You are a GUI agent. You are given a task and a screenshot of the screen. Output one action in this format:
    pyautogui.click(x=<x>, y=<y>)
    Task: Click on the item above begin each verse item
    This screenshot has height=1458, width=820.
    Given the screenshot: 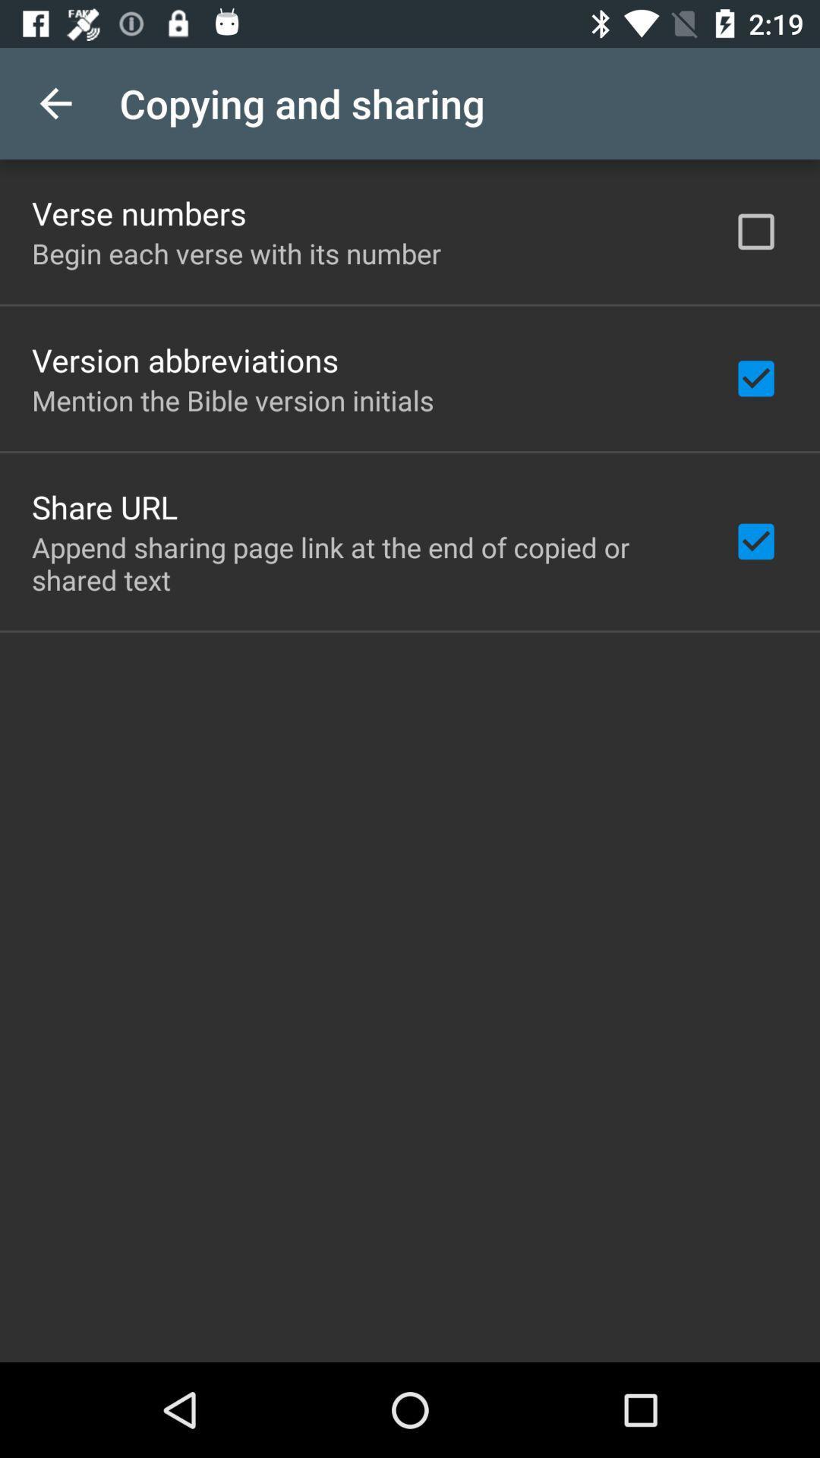 What is the action you would take?
    pyautogui.click(x=139, y=212)
    